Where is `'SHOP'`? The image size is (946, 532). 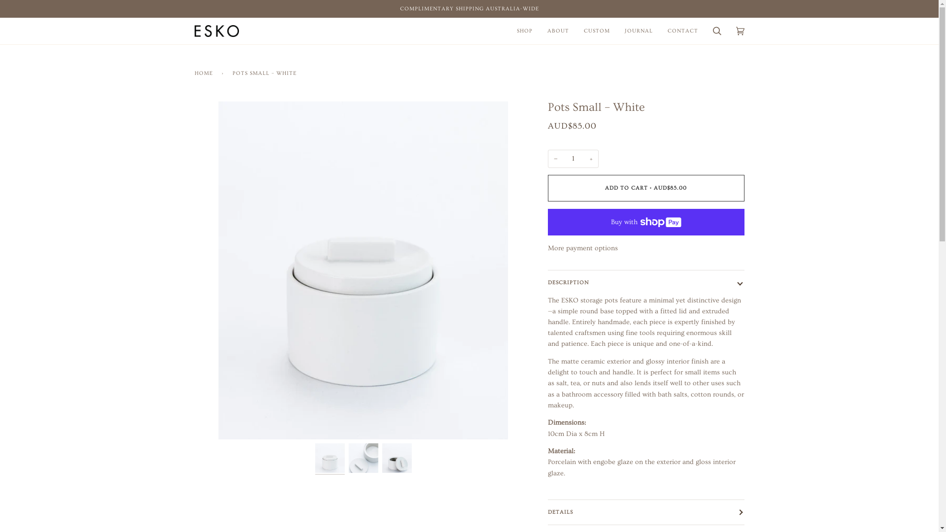 'SHOP' is located at coordinates (509, 30).